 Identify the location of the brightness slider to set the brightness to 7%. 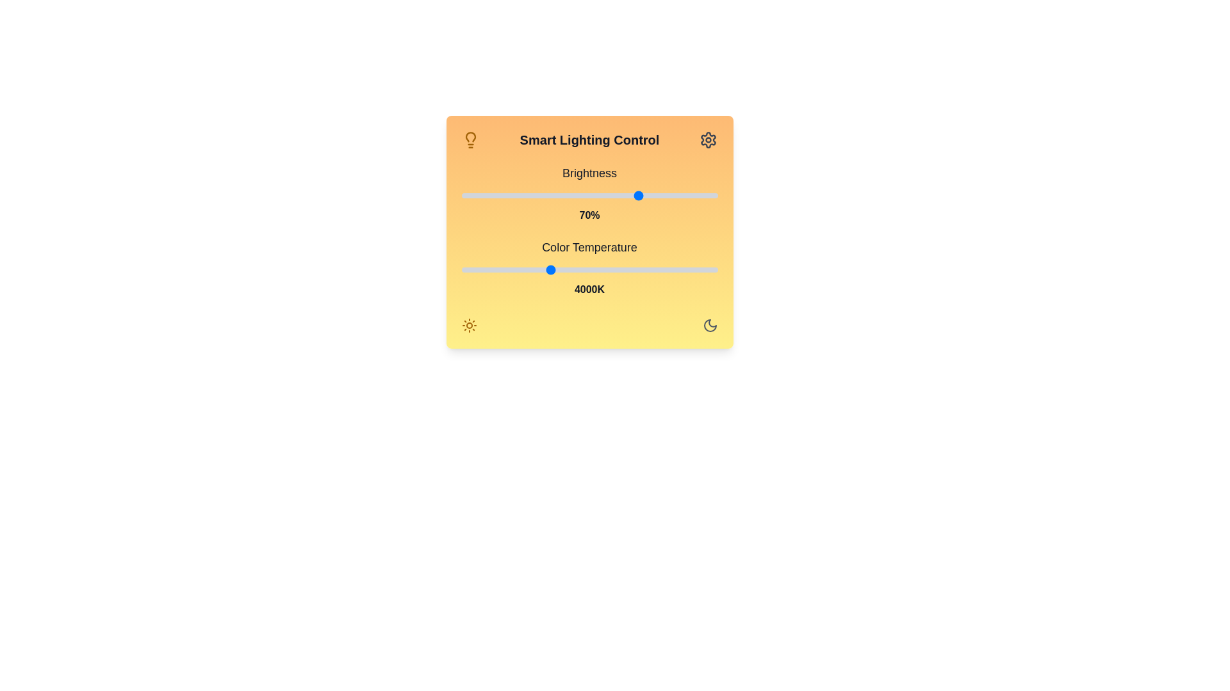
(479, 195).